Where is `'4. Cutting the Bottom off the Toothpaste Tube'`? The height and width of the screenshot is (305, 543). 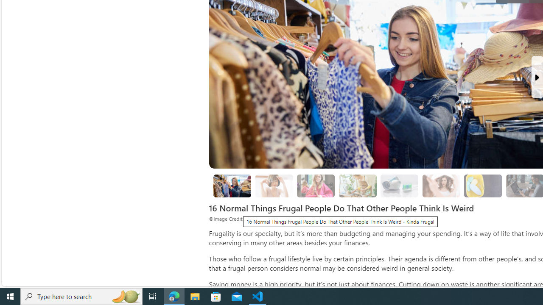
'4. Cutting the Bottom off the Toothpaste Tube' is located at coordinates (399, 185).